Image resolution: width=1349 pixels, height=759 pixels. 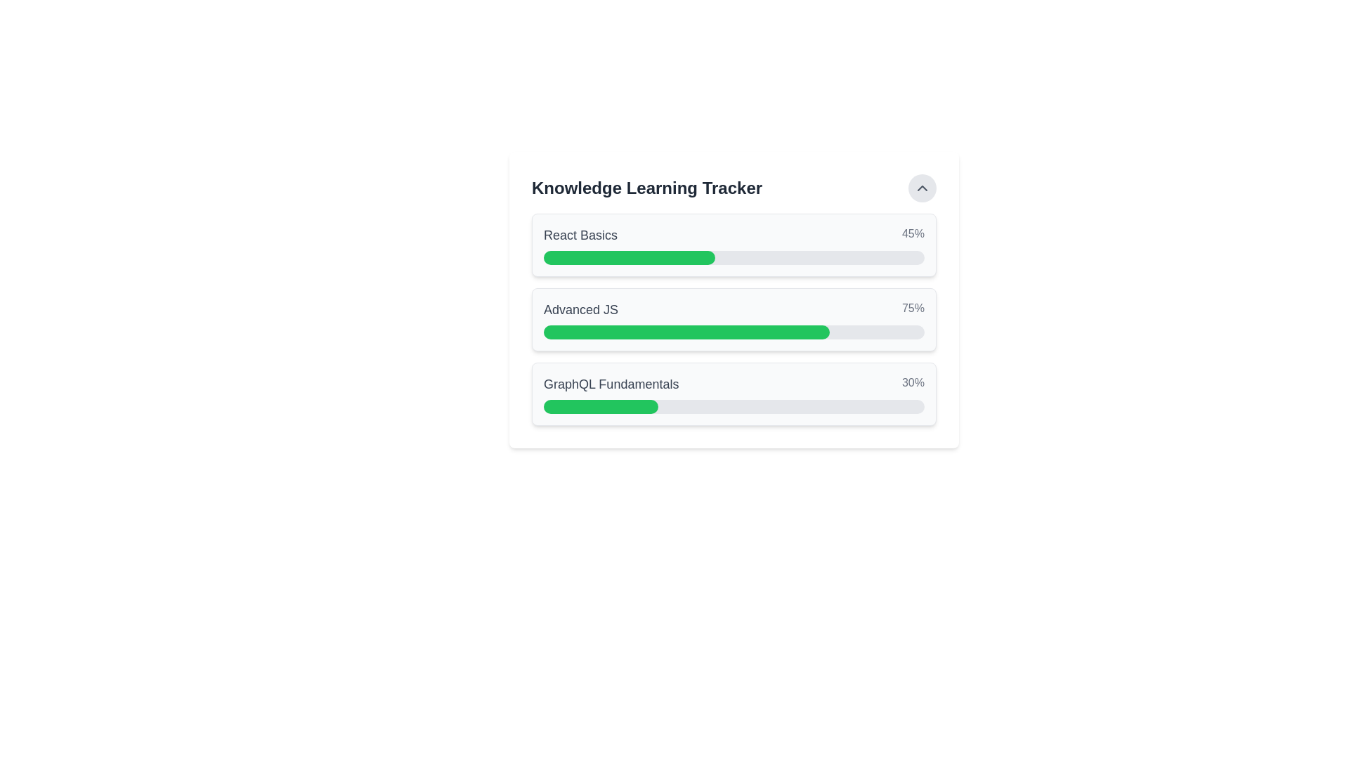 I want to click on the progress bar representing the completion level of the 'React Basics' learning tracker, located inside the light gray bar and occupying 45% of its width, so click(x=628, y=257).